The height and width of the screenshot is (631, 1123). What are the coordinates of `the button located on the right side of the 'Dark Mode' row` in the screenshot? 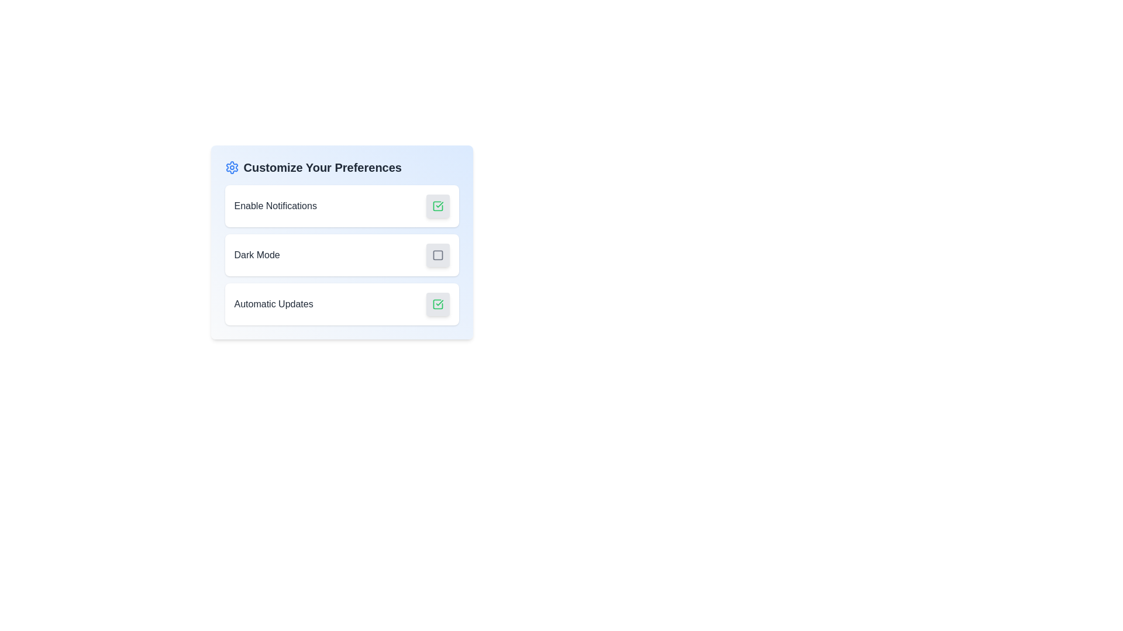 It's located at (437, 254).